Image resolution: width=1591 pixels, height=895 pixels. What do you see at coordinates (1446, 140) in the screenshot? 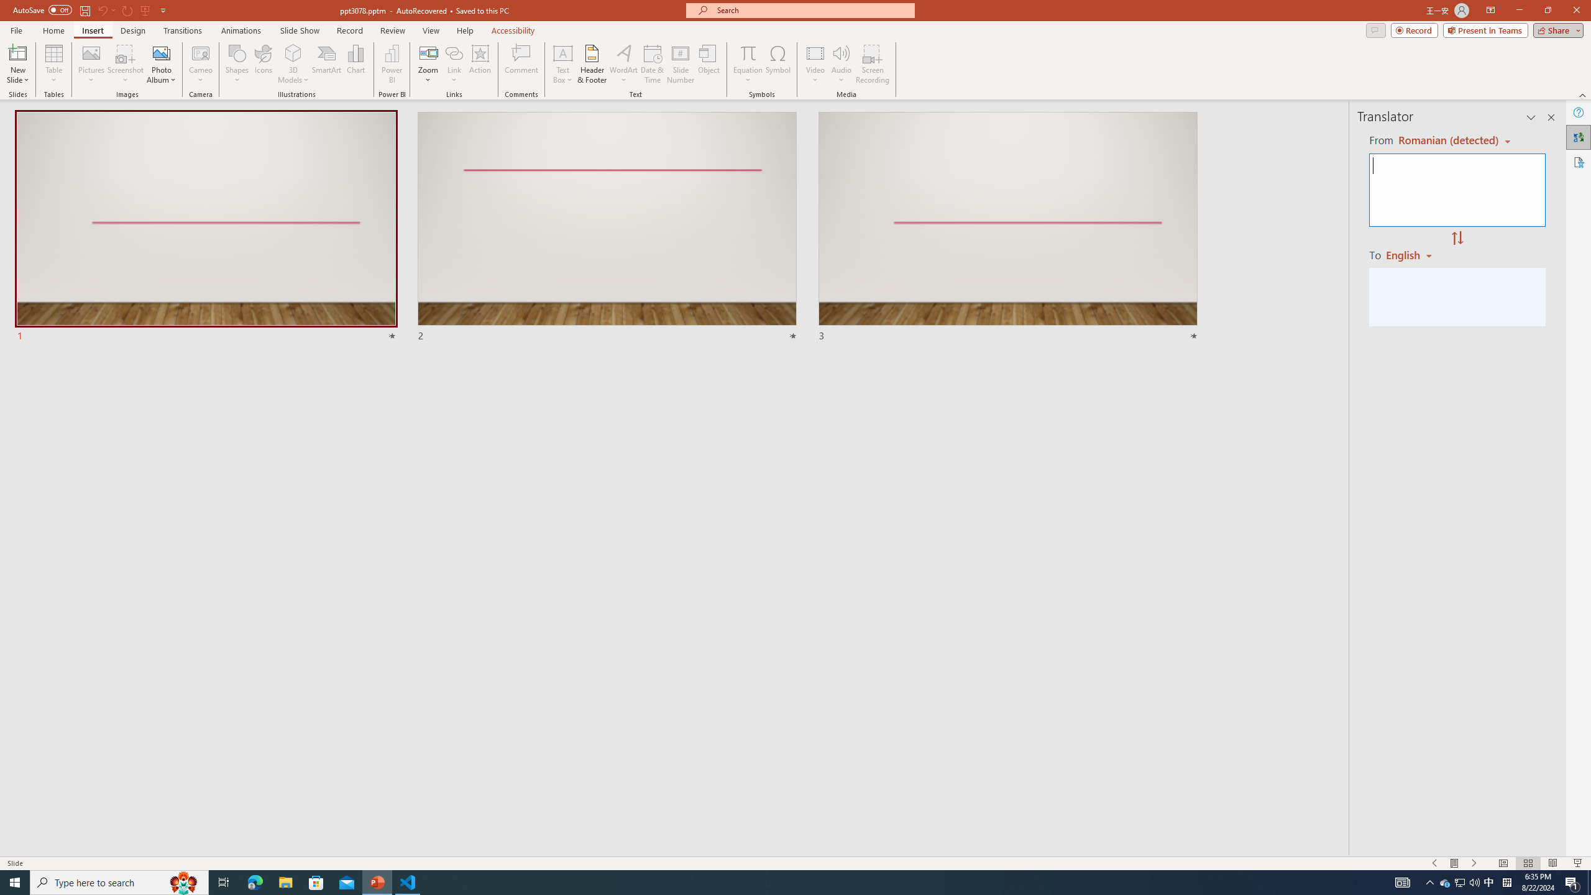
I see `'Czech (detected)'` at bounding box center [1446, 140].